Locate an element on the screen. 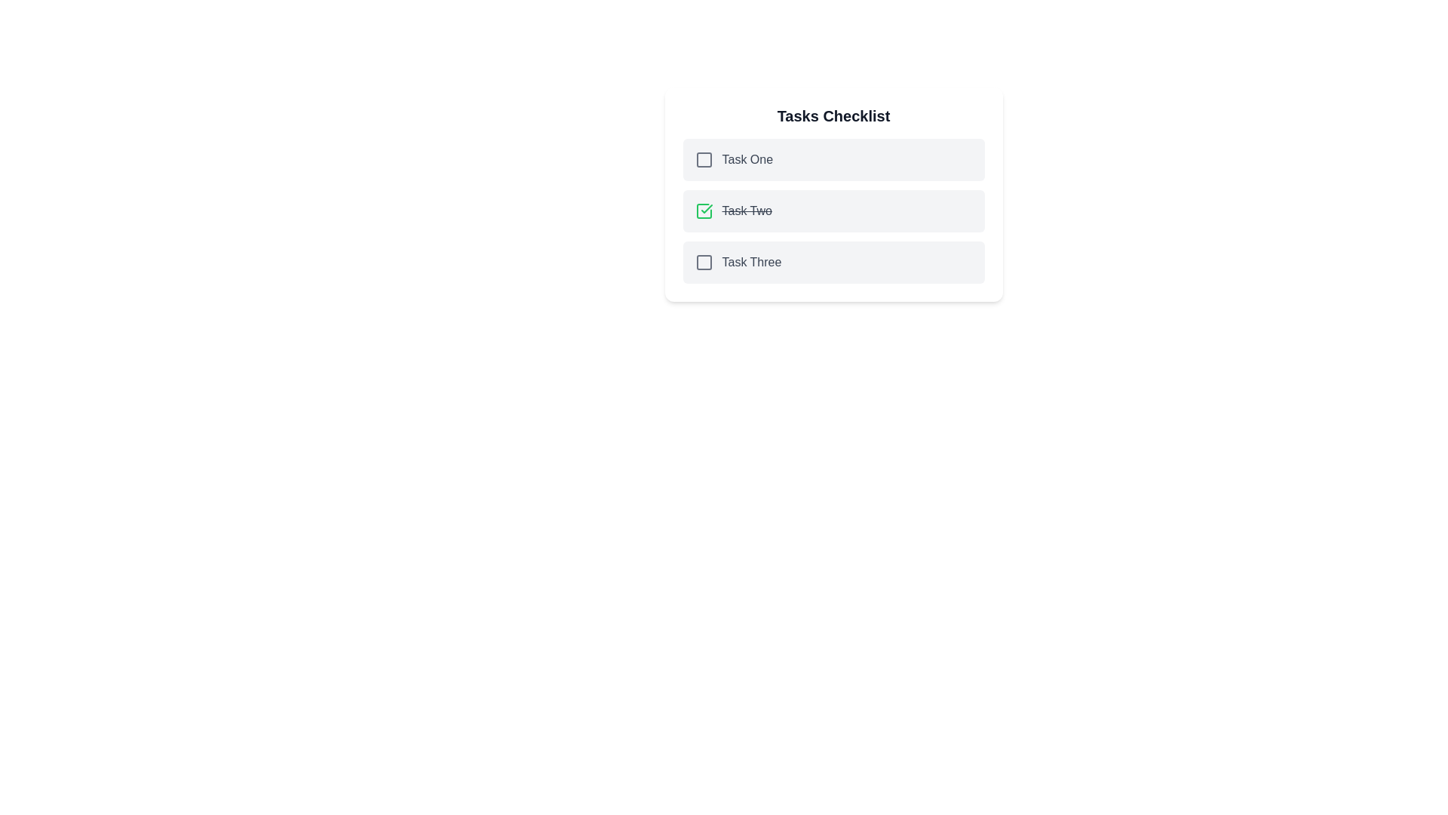 The height and width of the screenshot is (815, 1448). the 'Tasks Checklist' title text, which is bold and large, located at the top of the card-like section is located at coordinates (833, 115).